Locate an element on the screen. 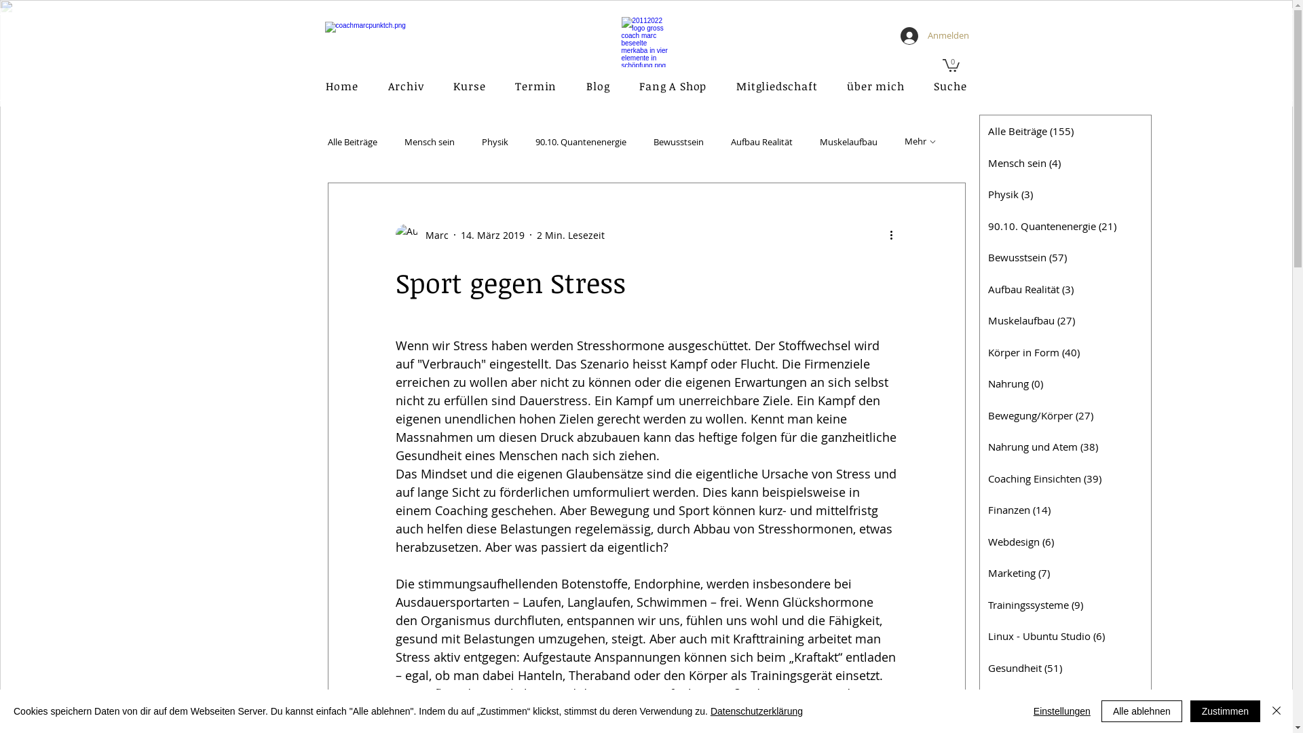 Image resolution: width=1303 pixels, height=733 pixels. 'Alle ablehnen' is located at coordinates (1141, 711).